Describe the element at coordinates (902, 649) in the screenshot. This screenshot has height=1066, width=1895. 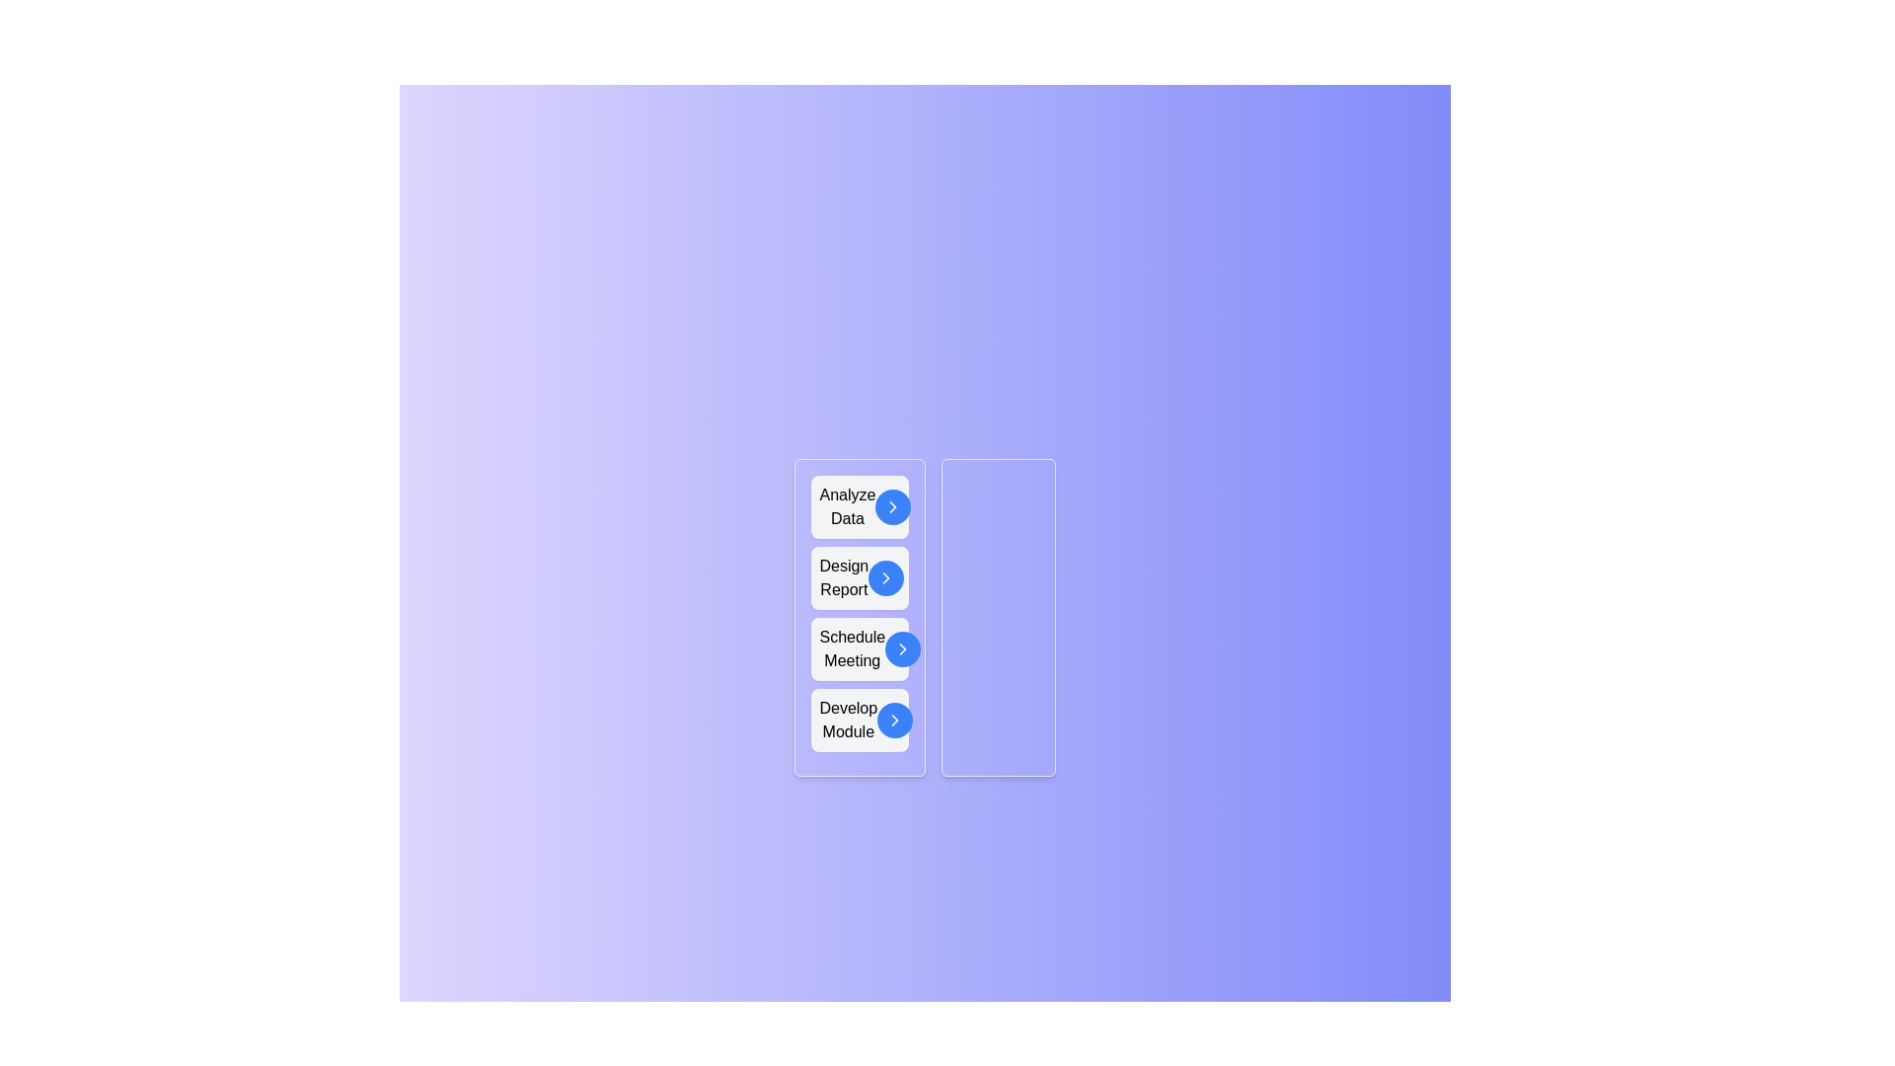
I see `arrow button next to the task 'Schedule Meeting' in the 'Unassigned Tasks' list` at that location.